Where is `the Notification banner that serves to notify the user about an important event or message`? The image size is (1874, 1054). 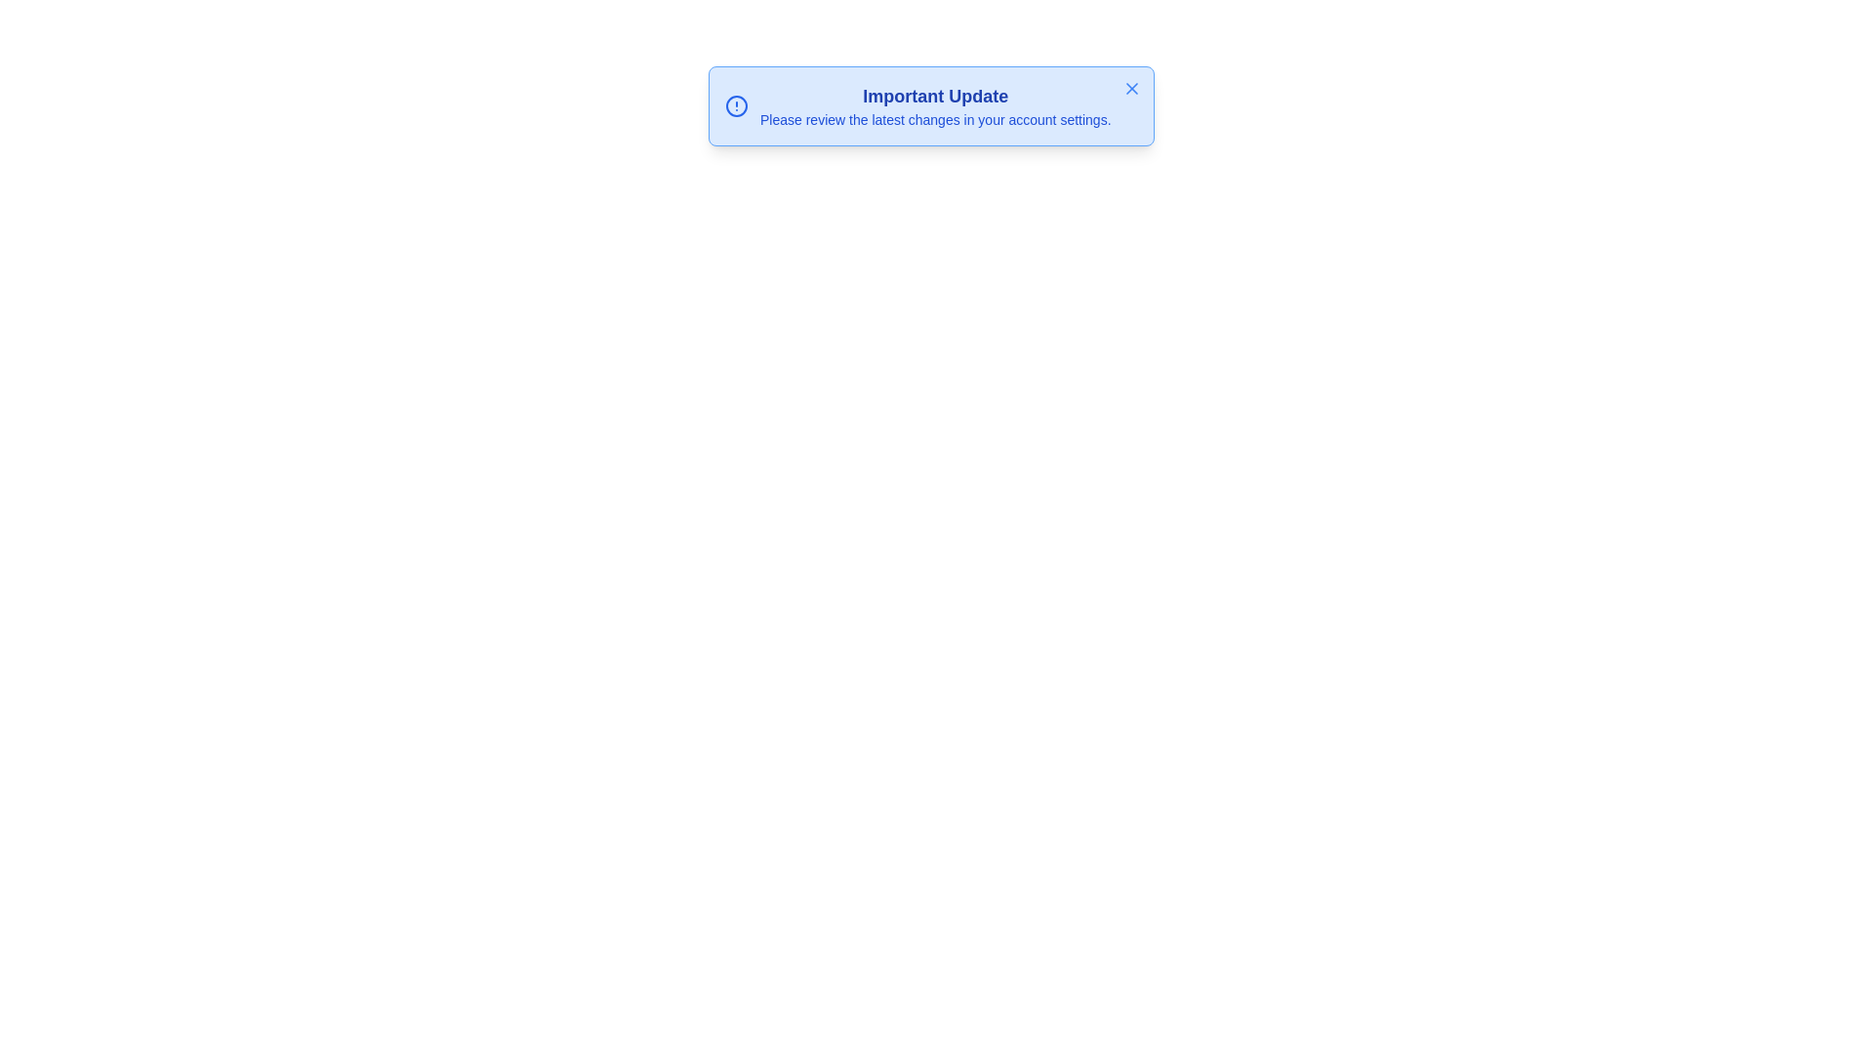 the Notification banner that serves to notify the user about an important event or message is located at coordinates (930, 105).